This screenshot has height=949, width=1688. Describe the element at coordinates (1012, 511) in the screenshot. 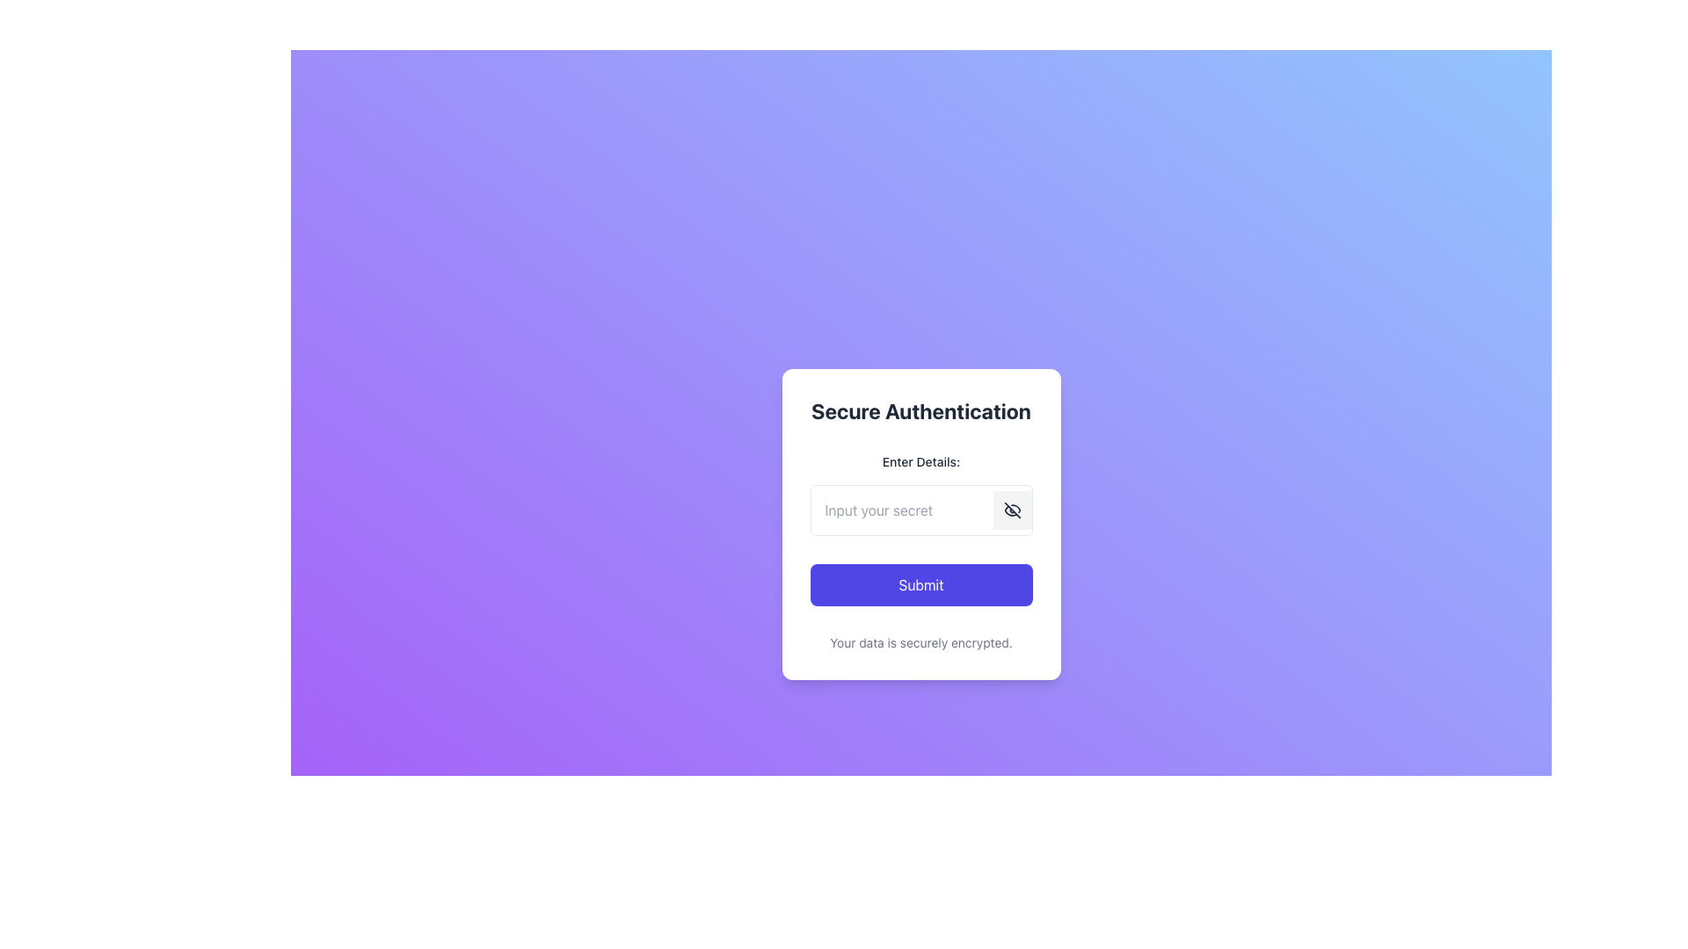

I see `the eye-off icon with a crossed-out eye design located in the authentication form to the right of the input field` at that location.